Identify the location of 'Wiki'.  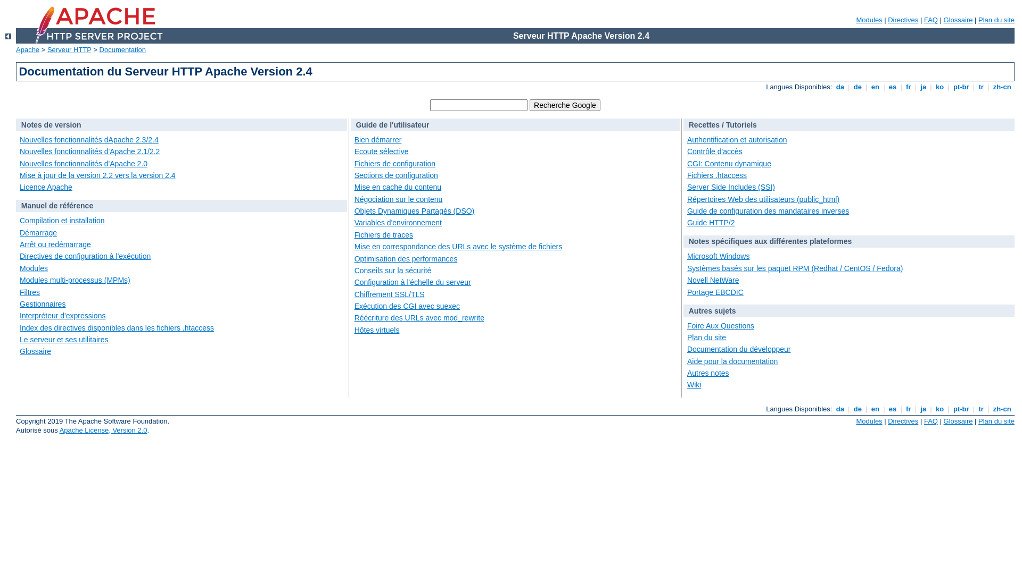
(694, 385).